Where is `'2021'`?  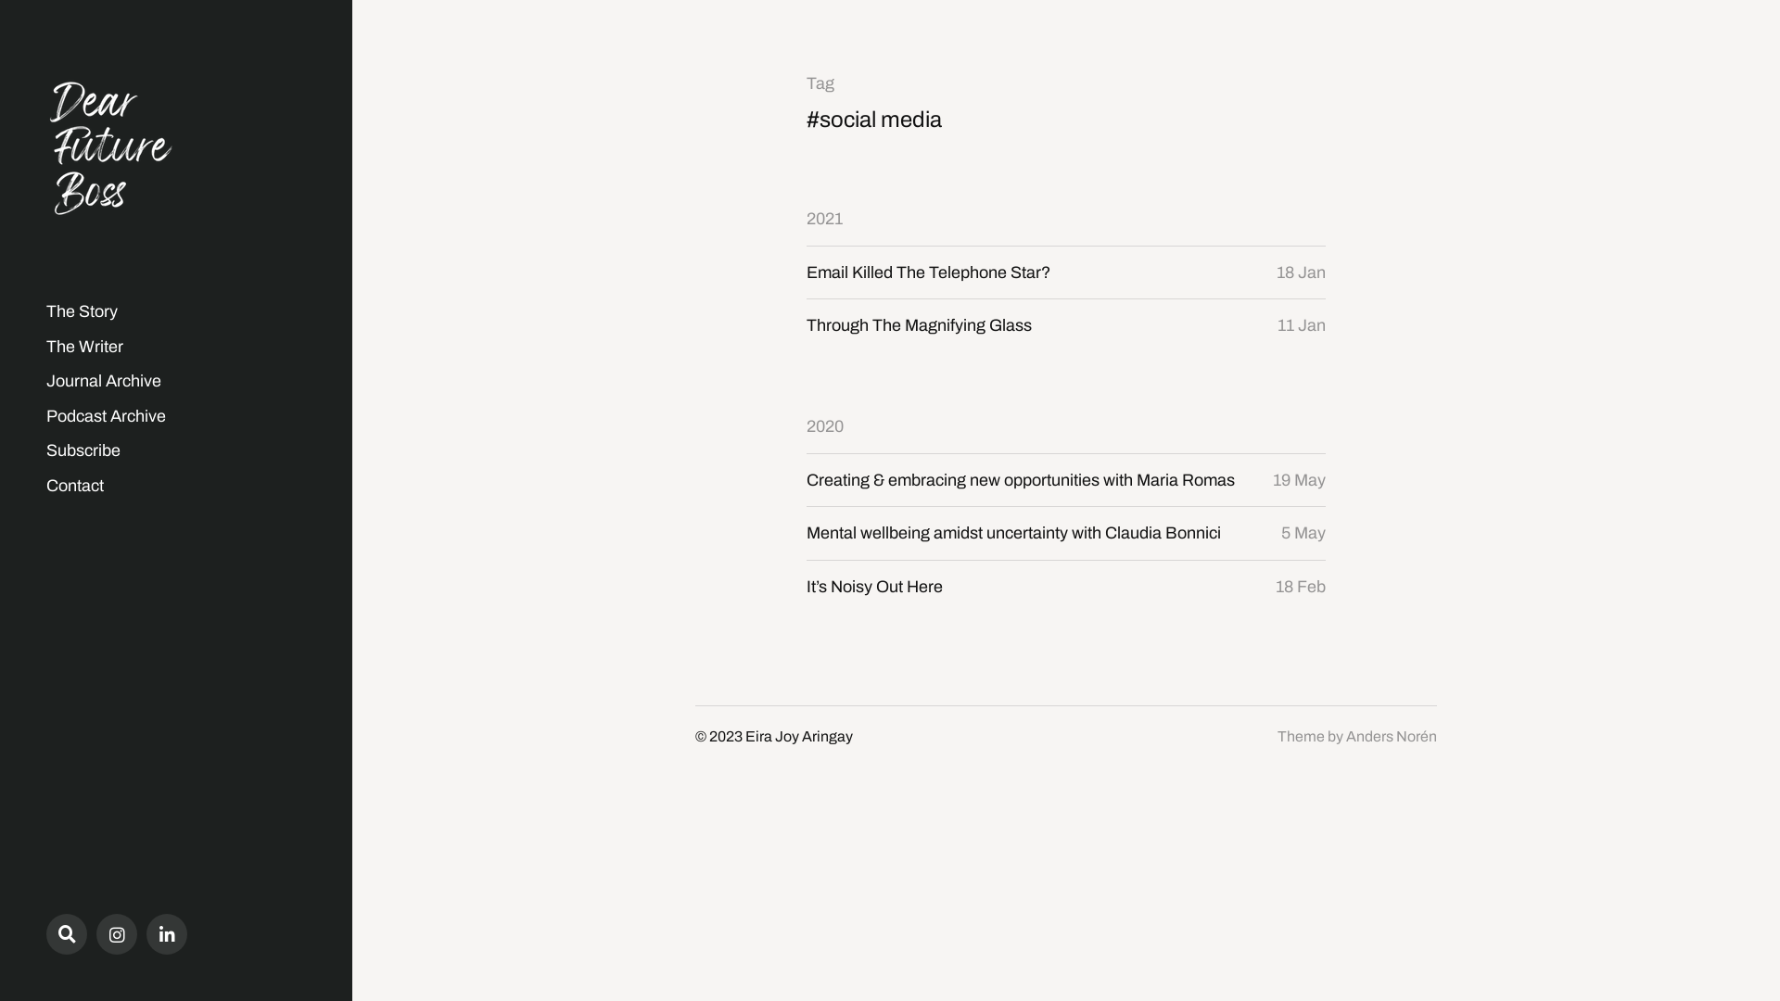
'2021' is located at coordinates (823, 217).